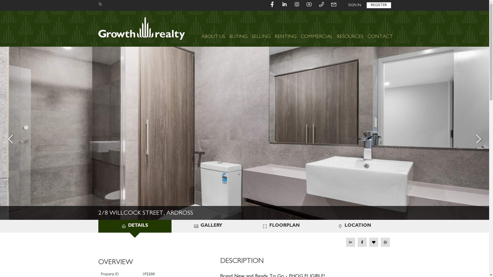 The image size is (493, 277). What do you see at coordinates (335, 28) in the screenshot?
I see `'RESOURCES'` at bounding box center [335, 28].